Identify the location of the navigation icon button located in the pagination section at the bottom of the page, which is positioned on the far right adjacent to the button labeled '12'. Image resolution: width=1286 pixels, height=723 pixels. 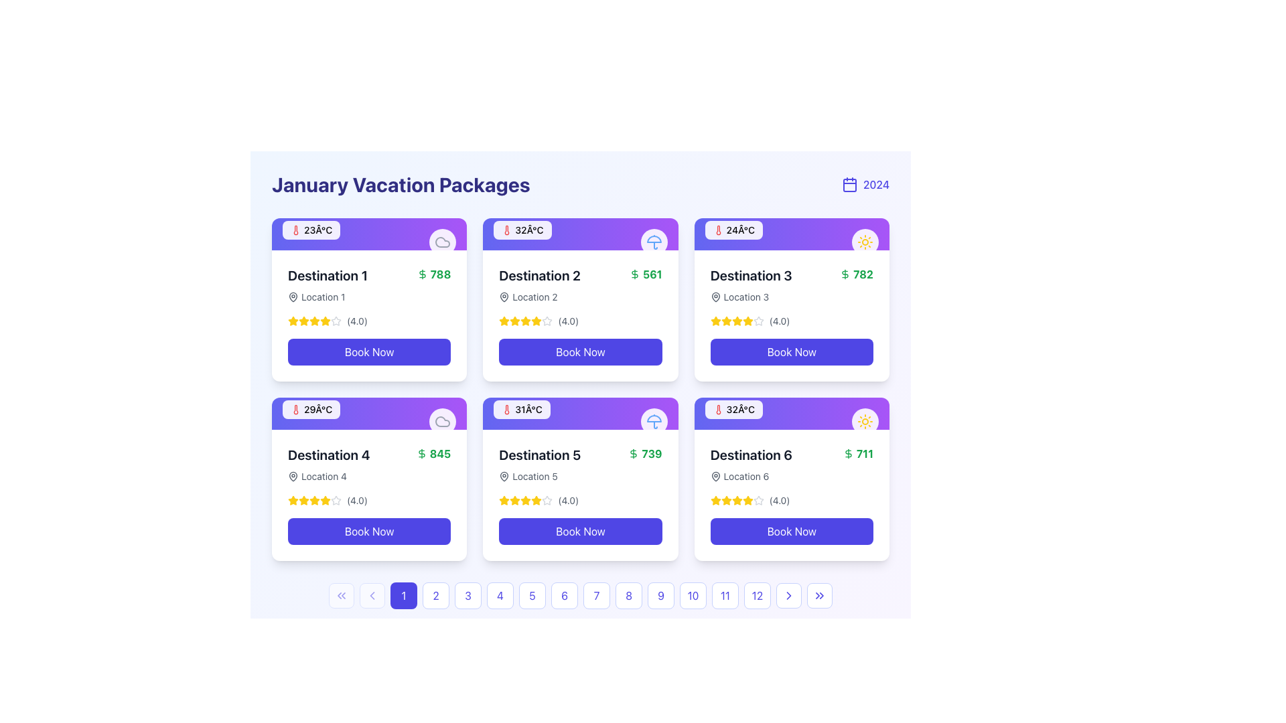
(788, 595).